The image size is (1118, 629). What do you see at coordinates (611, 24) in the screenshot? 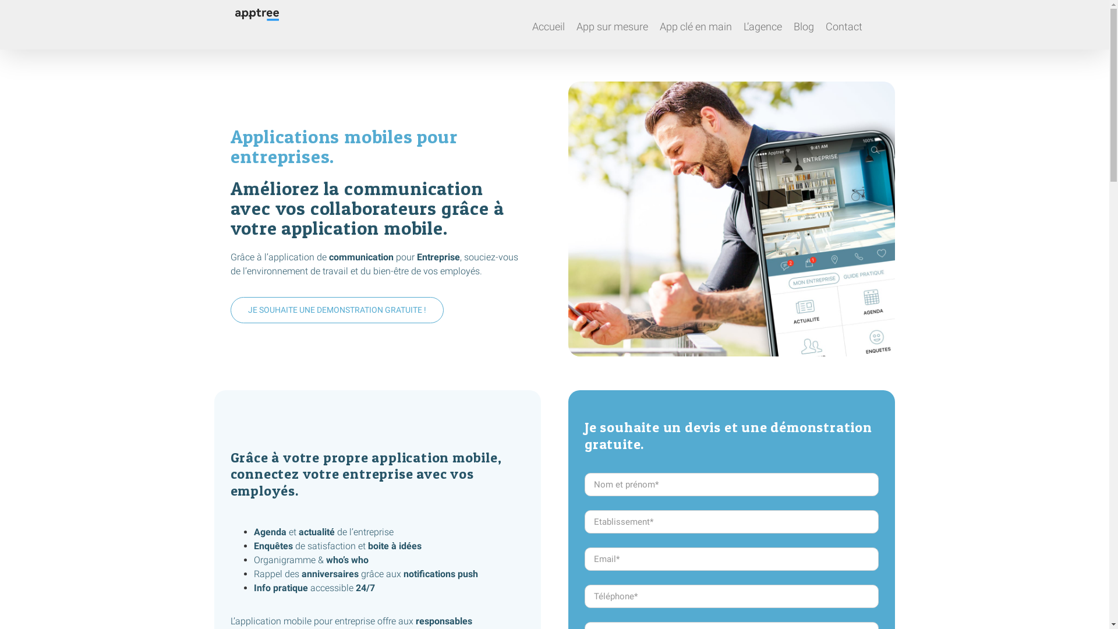
I see `'App sur mesure'` at bounding box center [611, 24].